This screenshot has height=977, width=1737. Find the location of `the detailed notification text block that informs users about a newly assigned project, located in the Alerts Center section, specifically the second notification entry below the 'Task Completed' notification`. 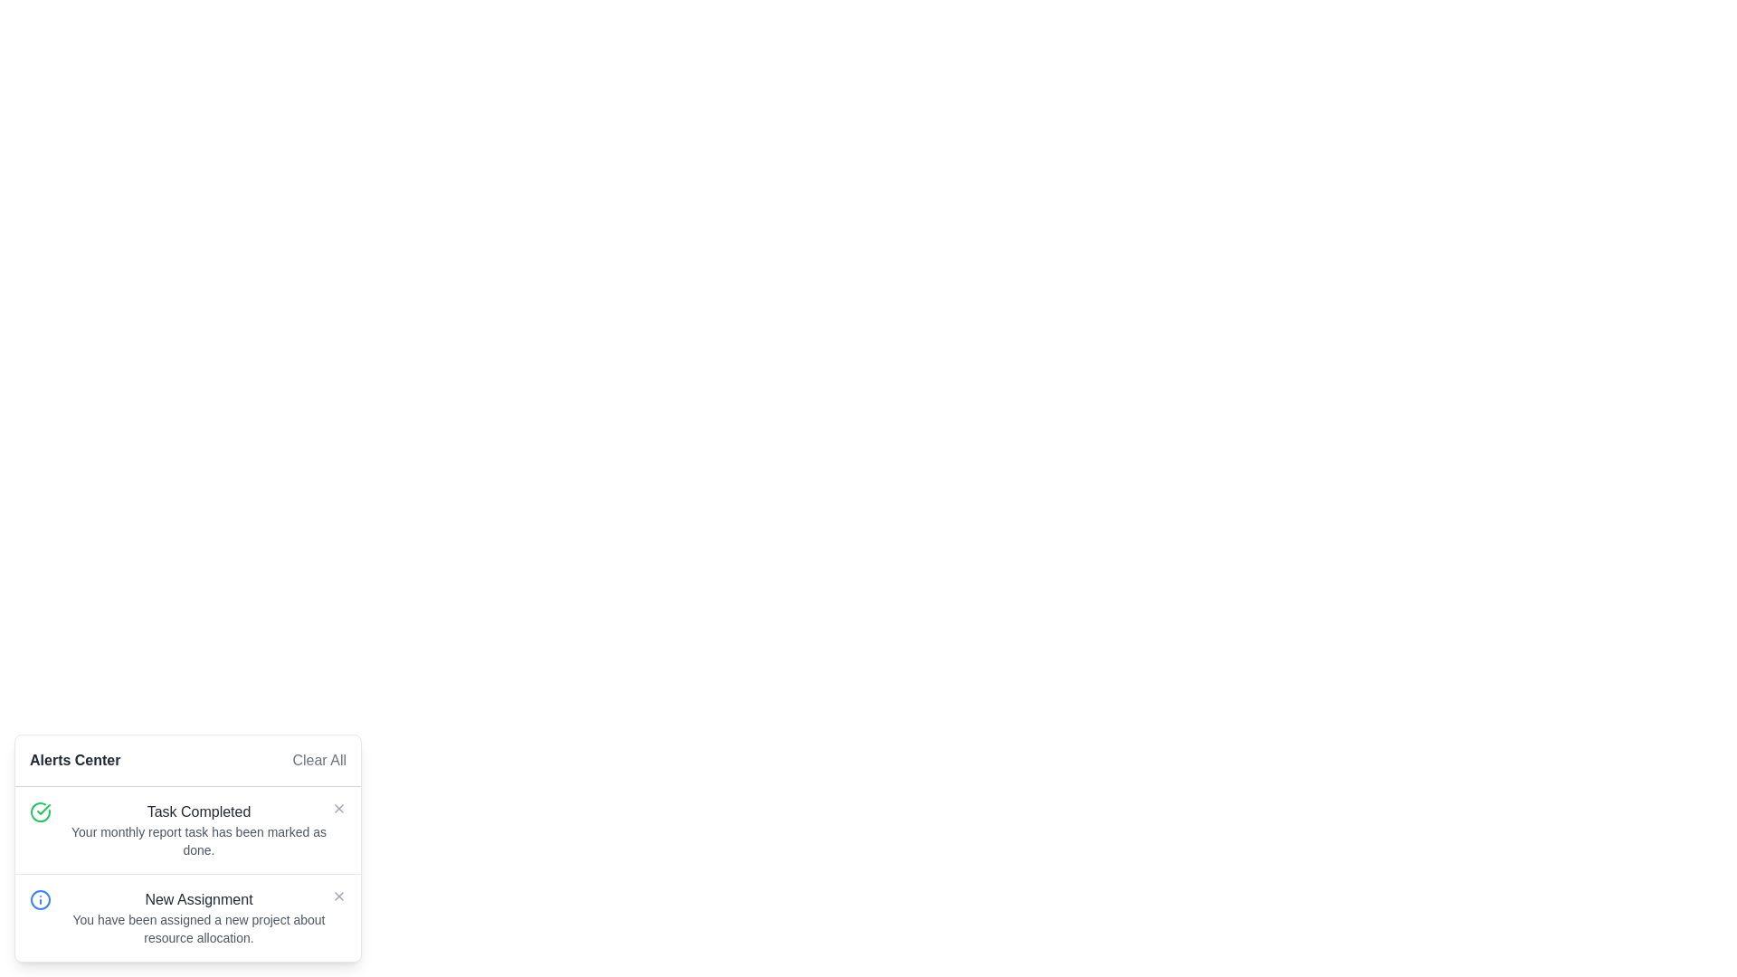

the detailed notification text block that informs users about a newly assigned project, located in the Alerts Center section, specifically the second notification entry below the 'Task Completed' notification is located at coordinates (199, 917).